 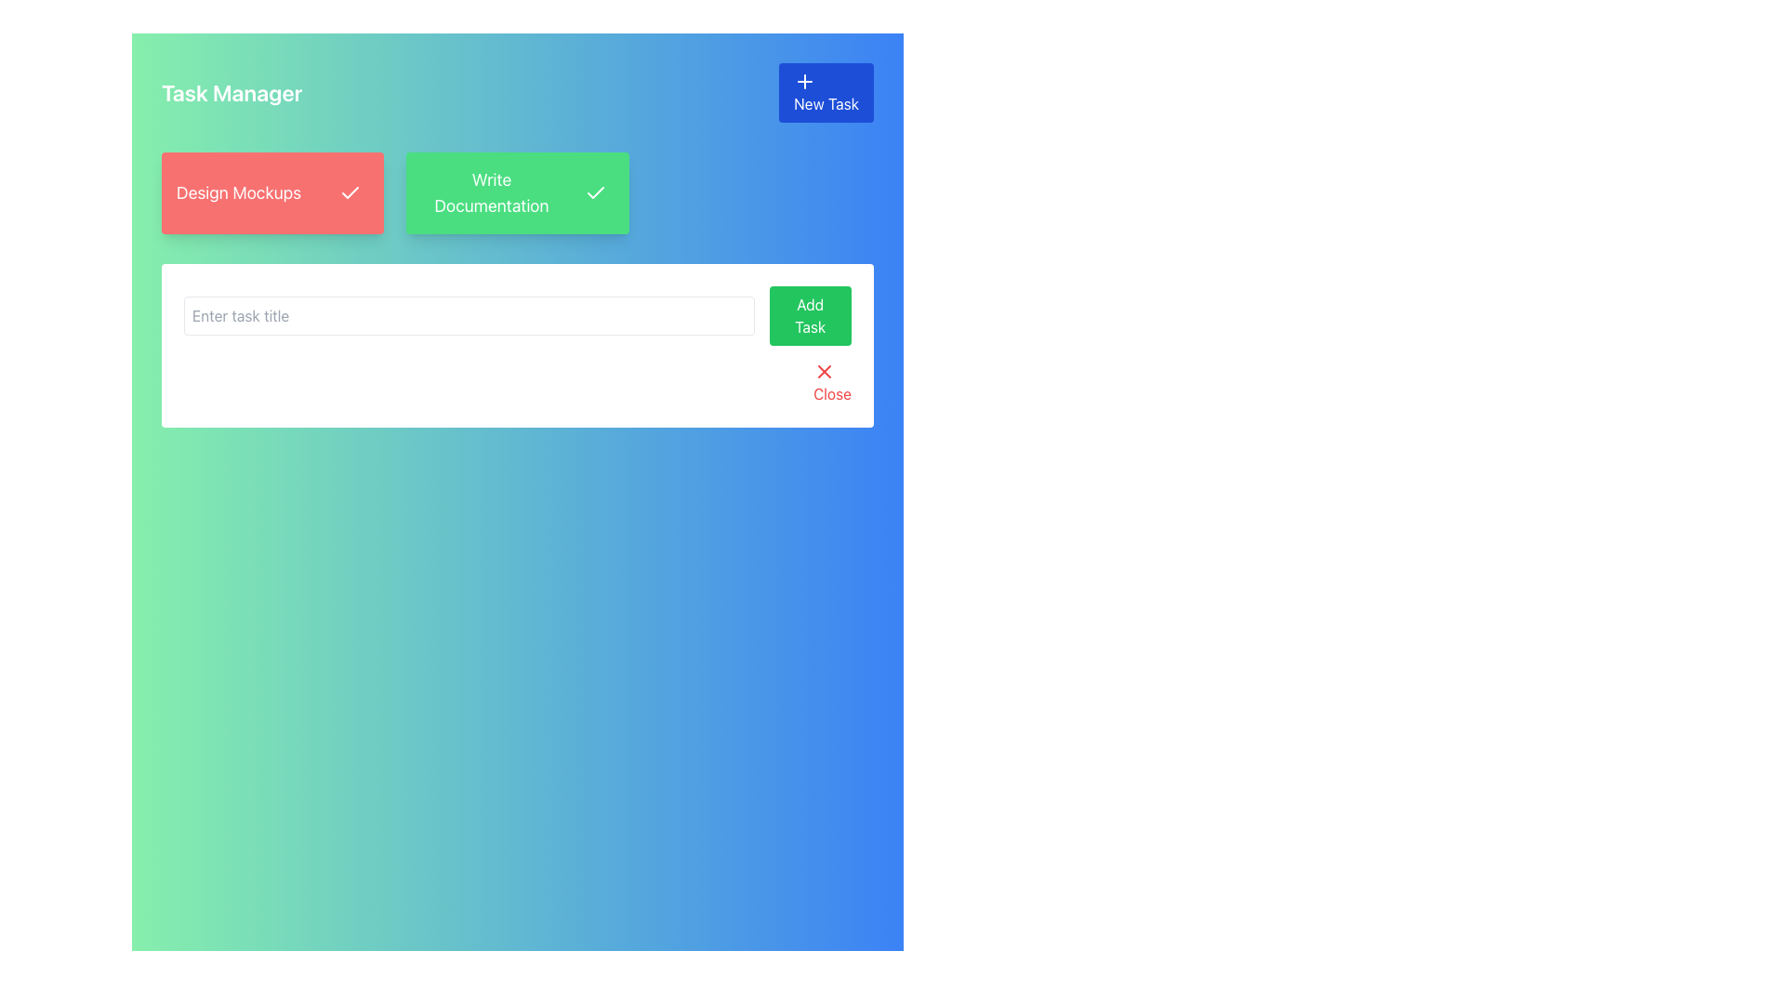 What do you see at coordinates (350, 192) in the screenshot?
I see `the small checkmark icon located within the 'Write Documentation' button, which is positioned centrally to the right side of the text` at bounding box center [350, 192].